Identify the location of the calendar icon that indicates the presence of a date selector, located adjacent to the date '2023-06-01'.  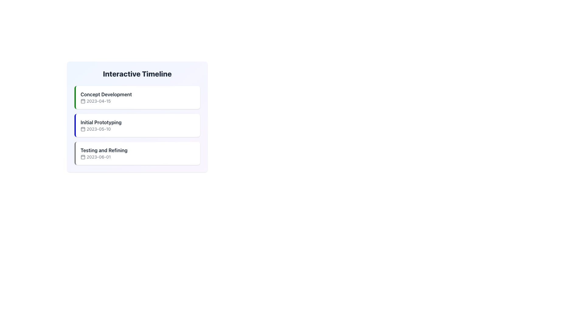
(83, 156).